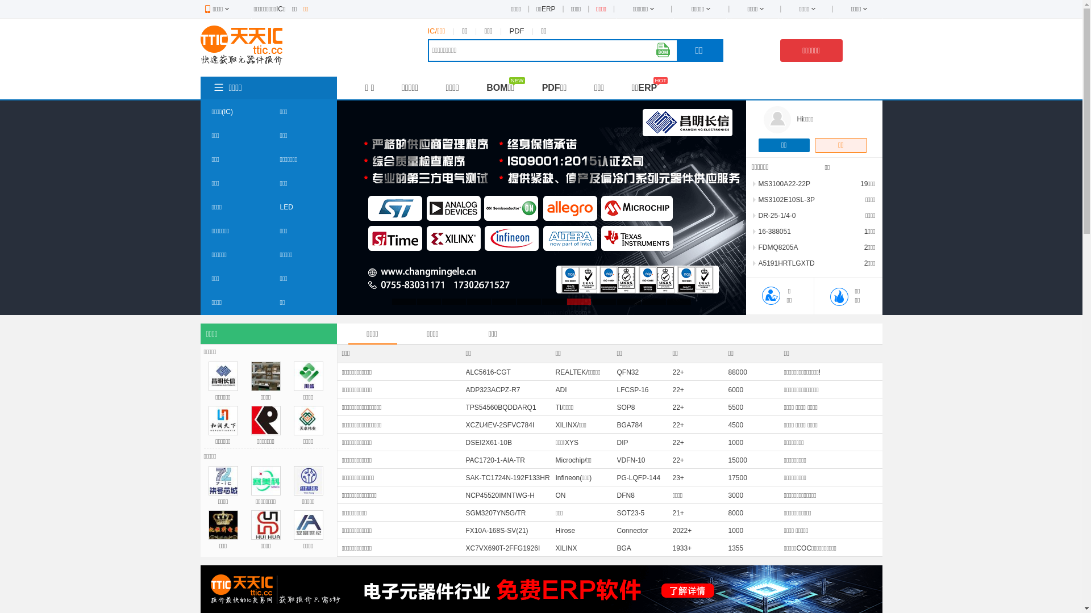 The image size is (1091, 613). What do you see at coordinates (502, 547) in the screenshot?
I see `'XC7VX690T-2FFG1926I'` at bounding box center [502, 547].